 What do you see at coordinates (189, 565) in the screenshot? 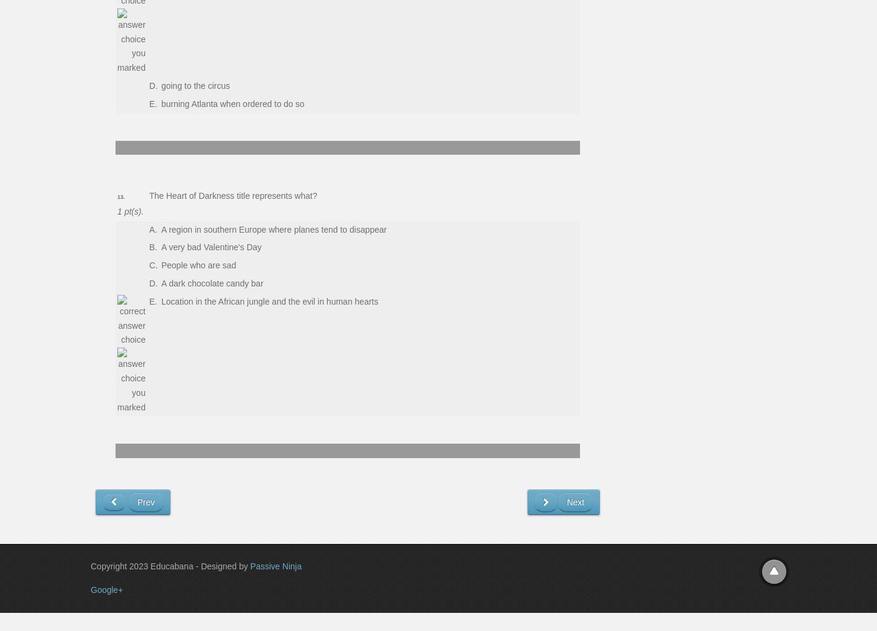
I see `'2023 Educabana - Designed by'` at bounding box center [189, 565].